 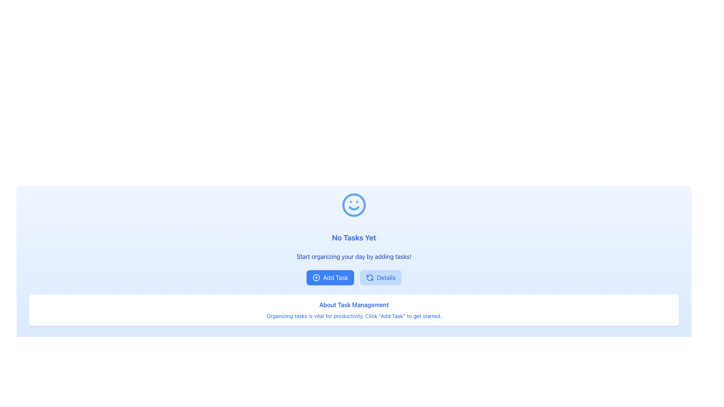 I want to click on the static text element displaying 'Start organizing your day by adding tasks!' which is located centrally below the heading 'No Tasks Yet', so click(x=354, y=256).